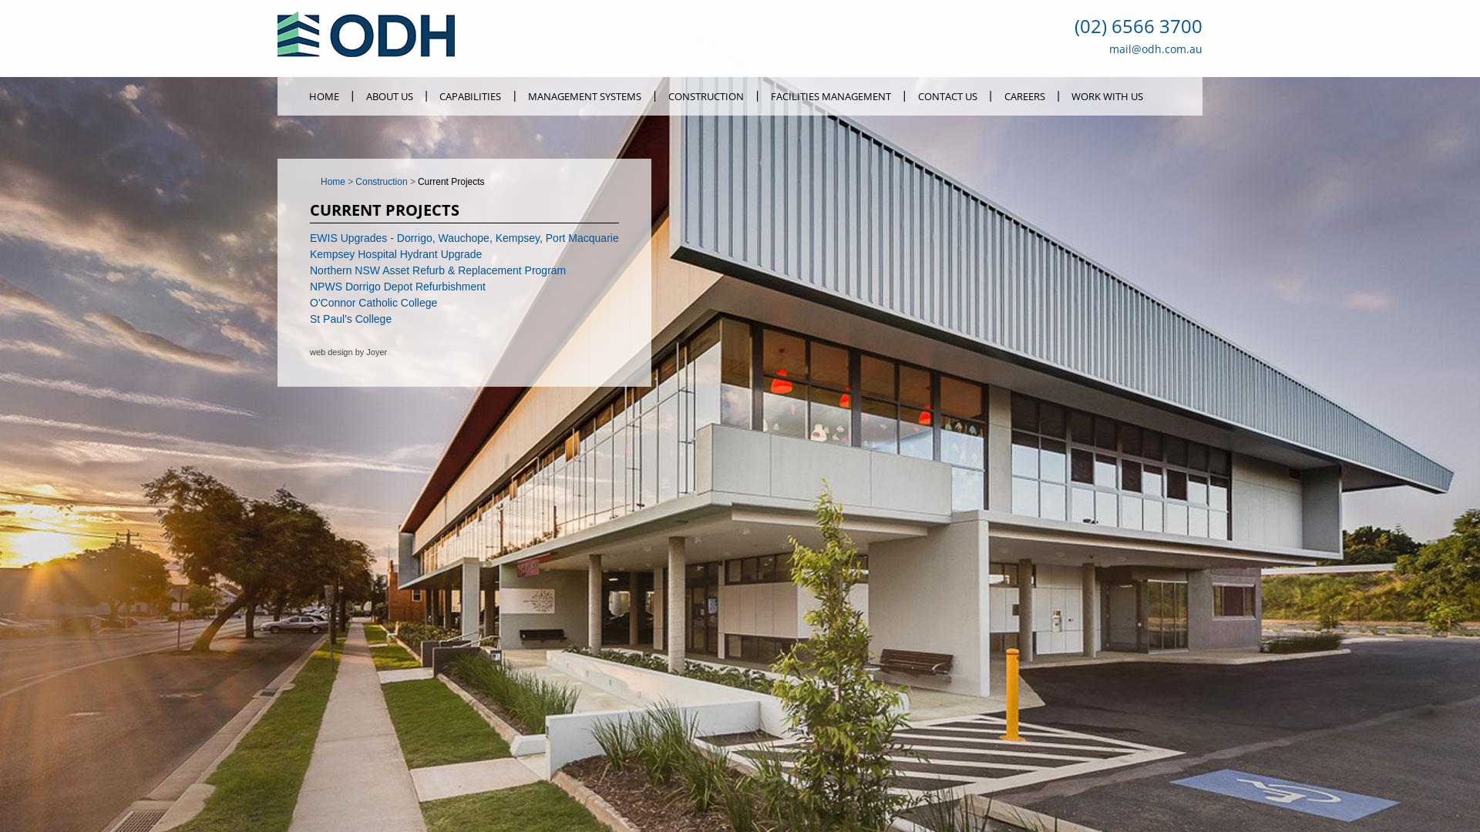  What do you see at coordinates (373, 303) in the screenshot?
I see `'O'Connor Catholic College'` at bounding box center [373, 303].